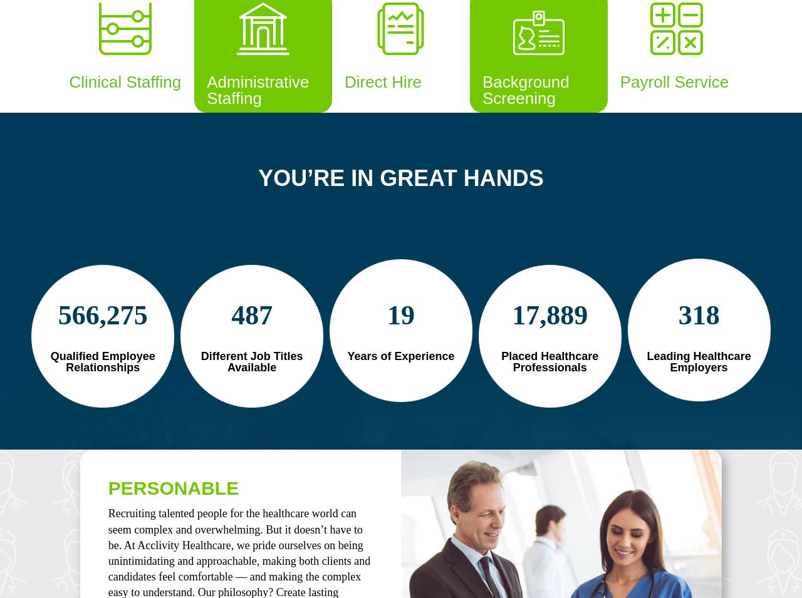  Describe the element at coordinates (512, 315) in the screenshot. I see `'17,889'` at that location.